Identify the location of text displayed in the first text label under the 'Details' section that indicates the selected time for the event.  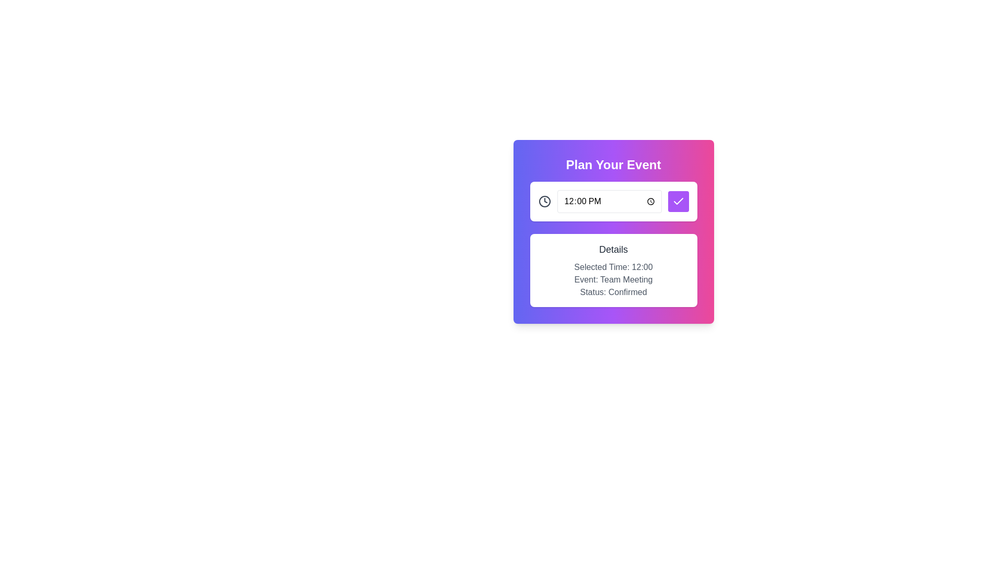
(613, 267).